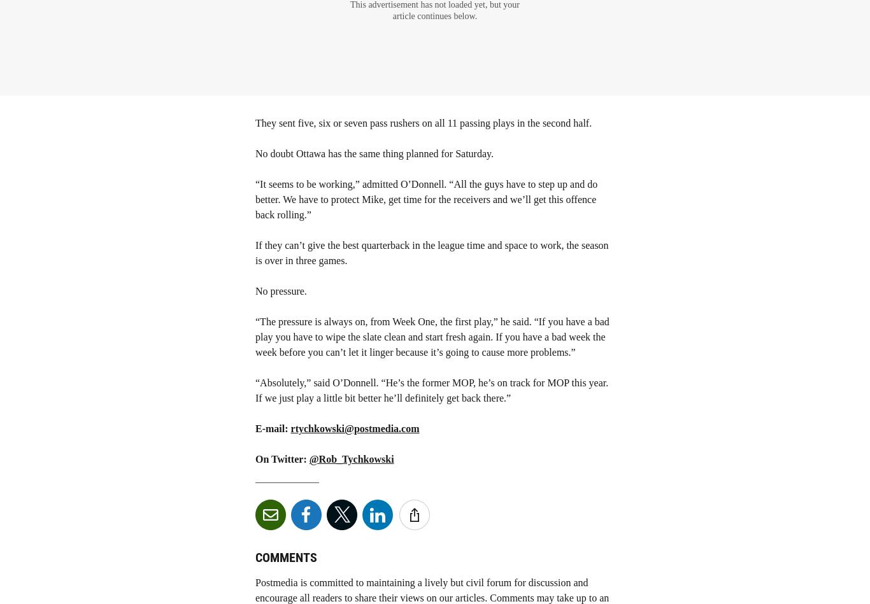 This screenshot has height=604, width=870. Describe the element at coordinates (285, 557) in the screenshot. I see `'Comments'` at that location.